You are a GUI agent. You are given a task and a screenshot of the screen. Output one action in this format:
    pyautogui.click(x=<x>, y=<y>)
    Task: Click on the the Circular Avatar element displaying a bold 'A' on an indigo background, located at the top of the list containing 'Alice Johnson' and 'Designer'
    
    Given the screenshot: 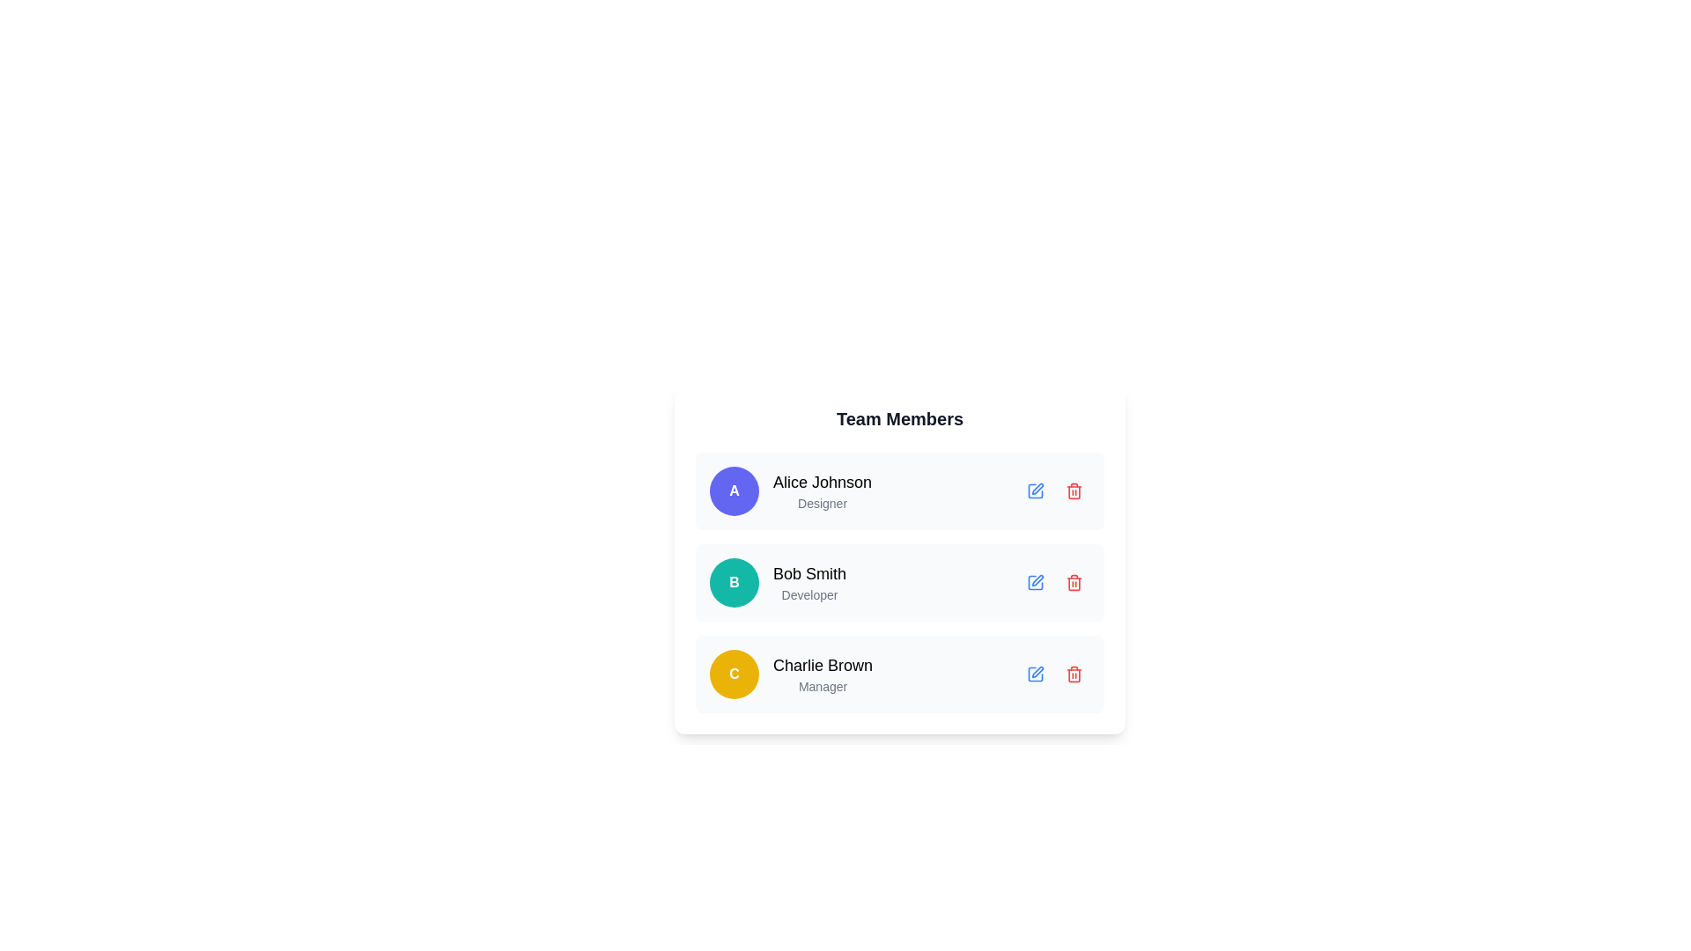 What is the action you would take?
    pyautogui.click(x=735, y=491)
    